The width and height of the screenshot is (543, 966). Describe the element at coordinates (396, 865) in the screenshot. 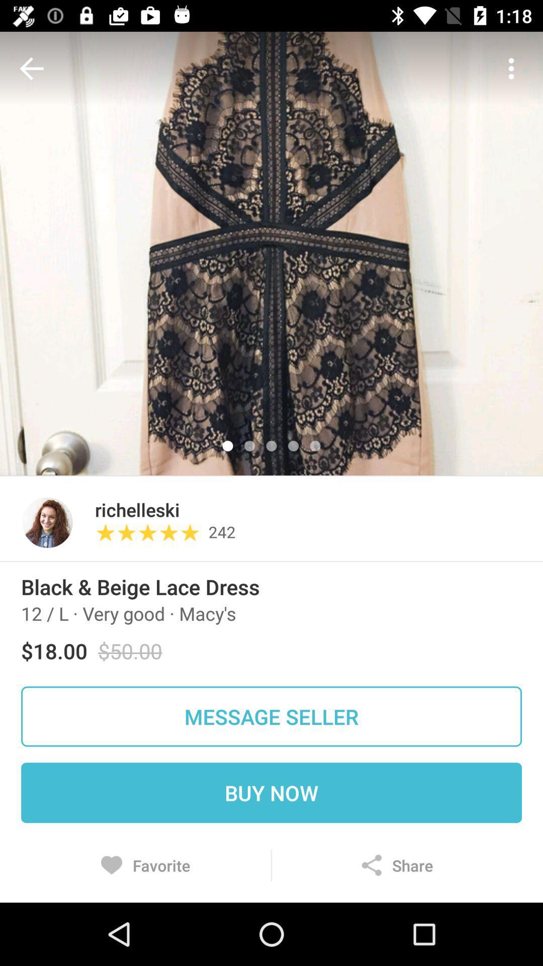

I see `the icon at the bottom right corner` at that location.